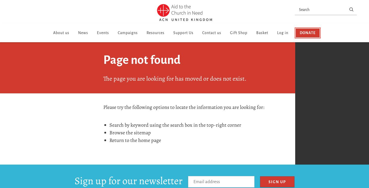 This screenshot has height=188, width=369. I want to click on 'Return to the', so click(124, 140).